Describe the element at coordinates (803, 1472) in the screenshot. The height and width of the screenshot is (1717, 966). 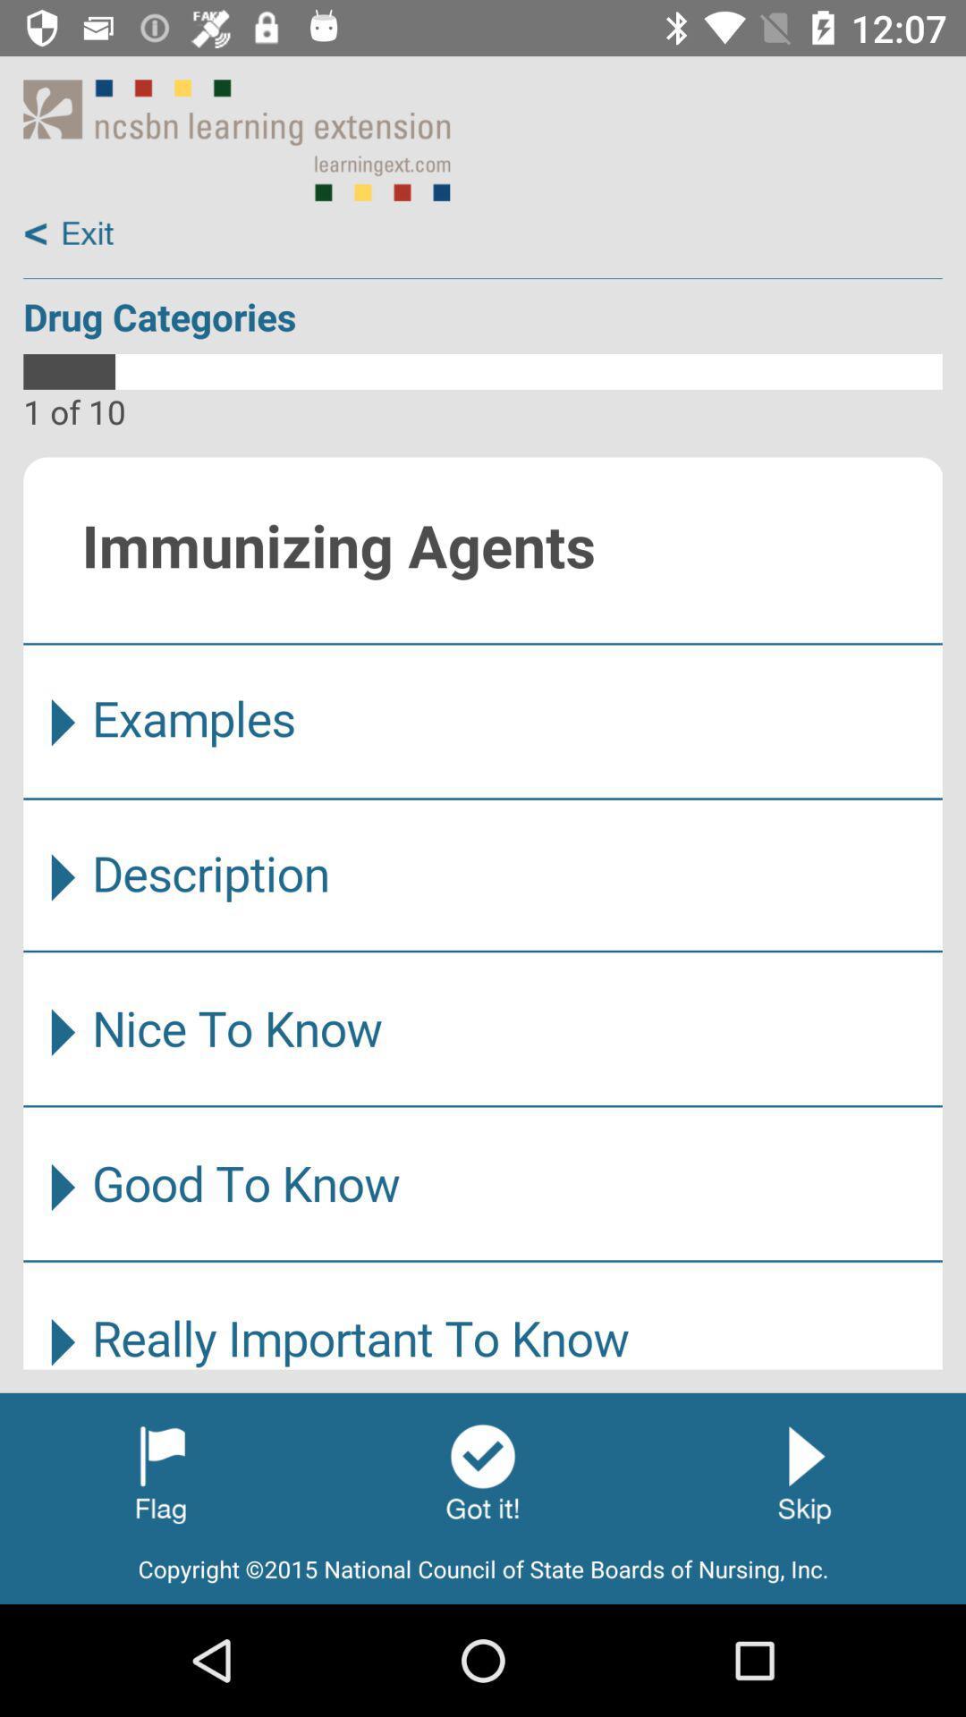
I see `skip category` at that location.